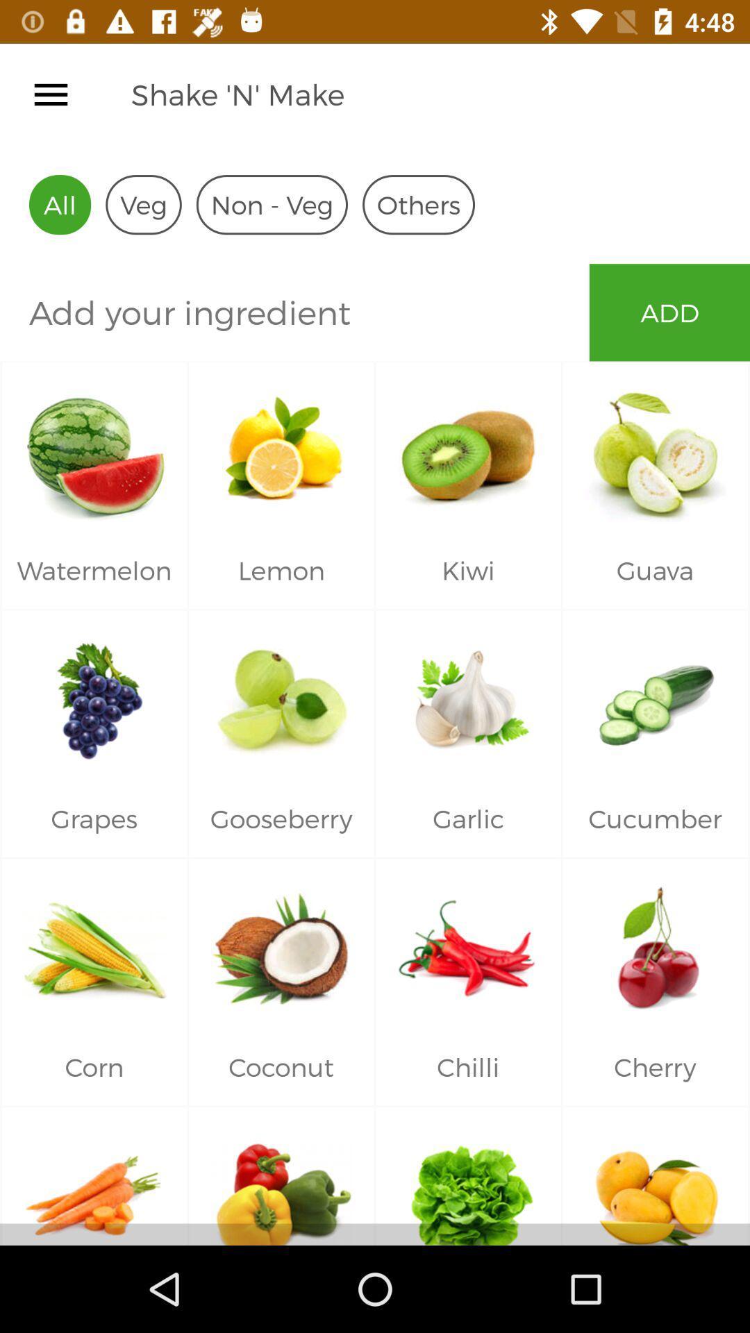  What do you see at coordinates (417, 204) in the screenshot?
I see `the others` at bounding box center [417, 204].